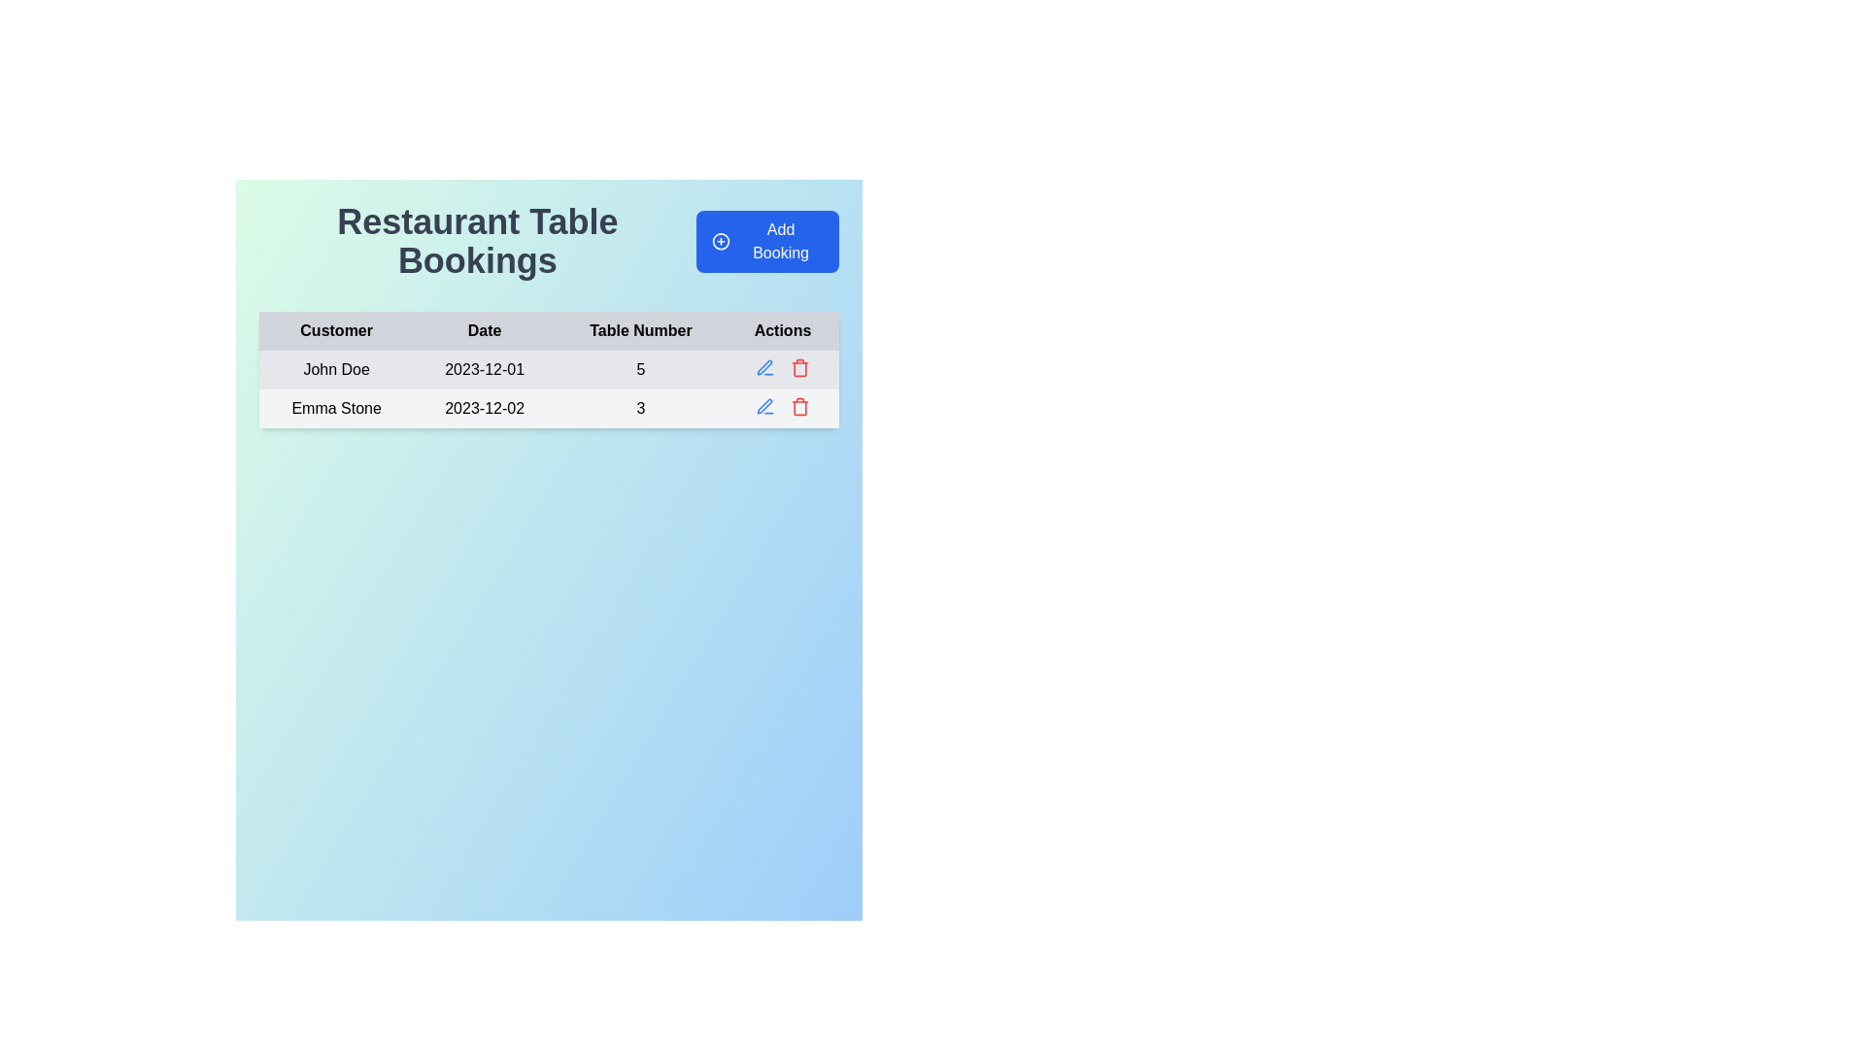 The width and height of the screenshot is (1865, 1049). I want to click on text label that serves as the header for the restaurant table booking section, located in the top-left portion of the interface, so click(477, 241).